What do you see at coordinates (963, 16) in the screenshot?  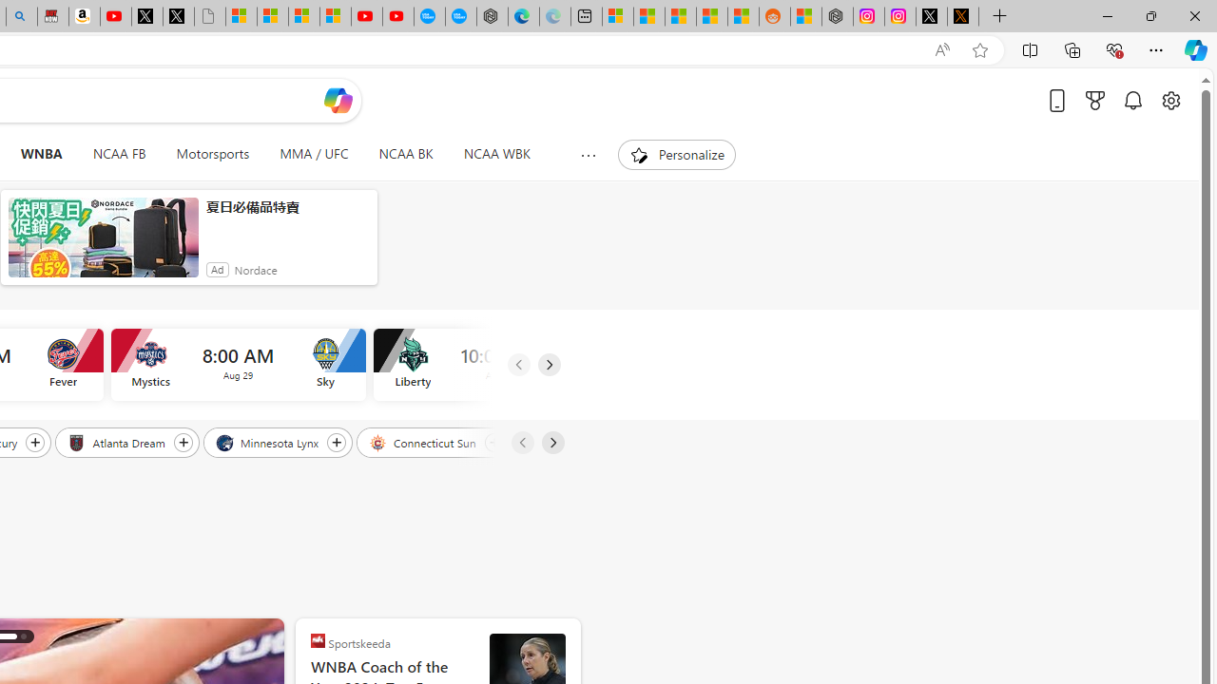 I see `'help.x.com | 524: A timeout occurred'` at bounding box center [963, 16].